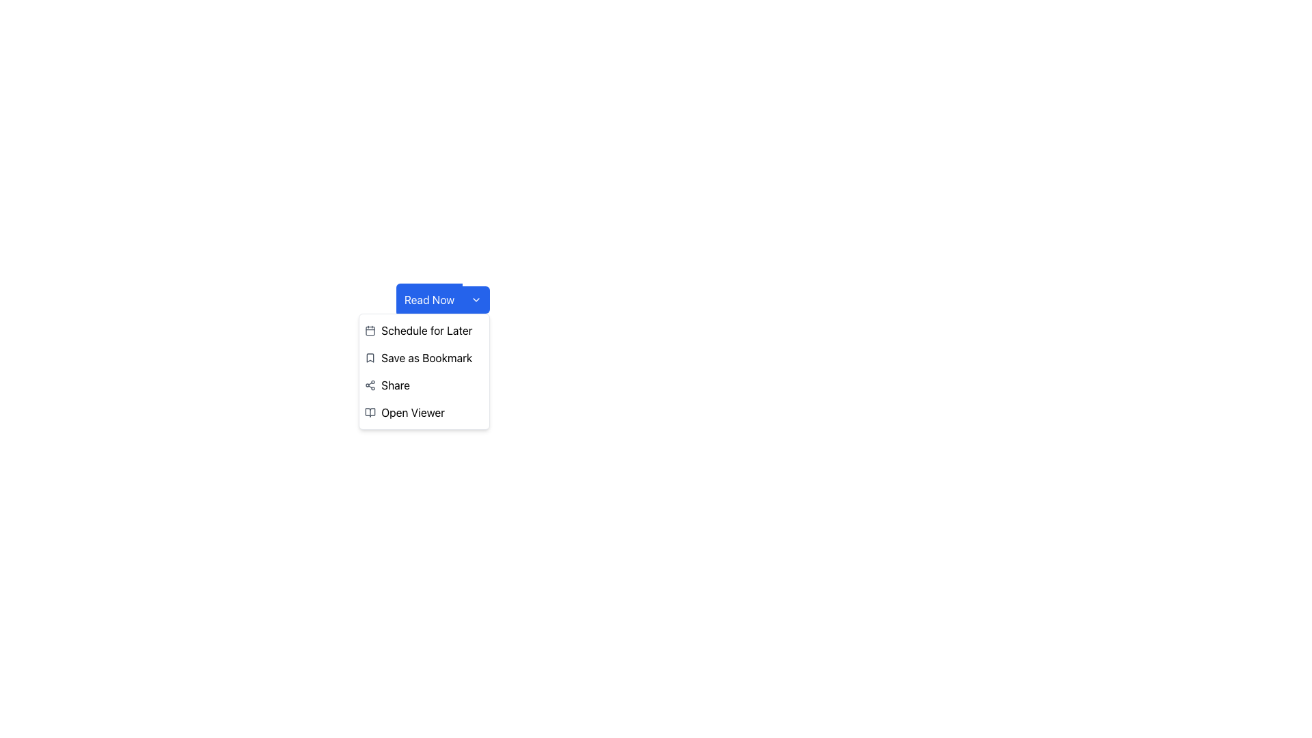  I want to click on the calendar icon located to the left of the 'Schedule for Later' text in the dropdown menu, so click(370, 330).